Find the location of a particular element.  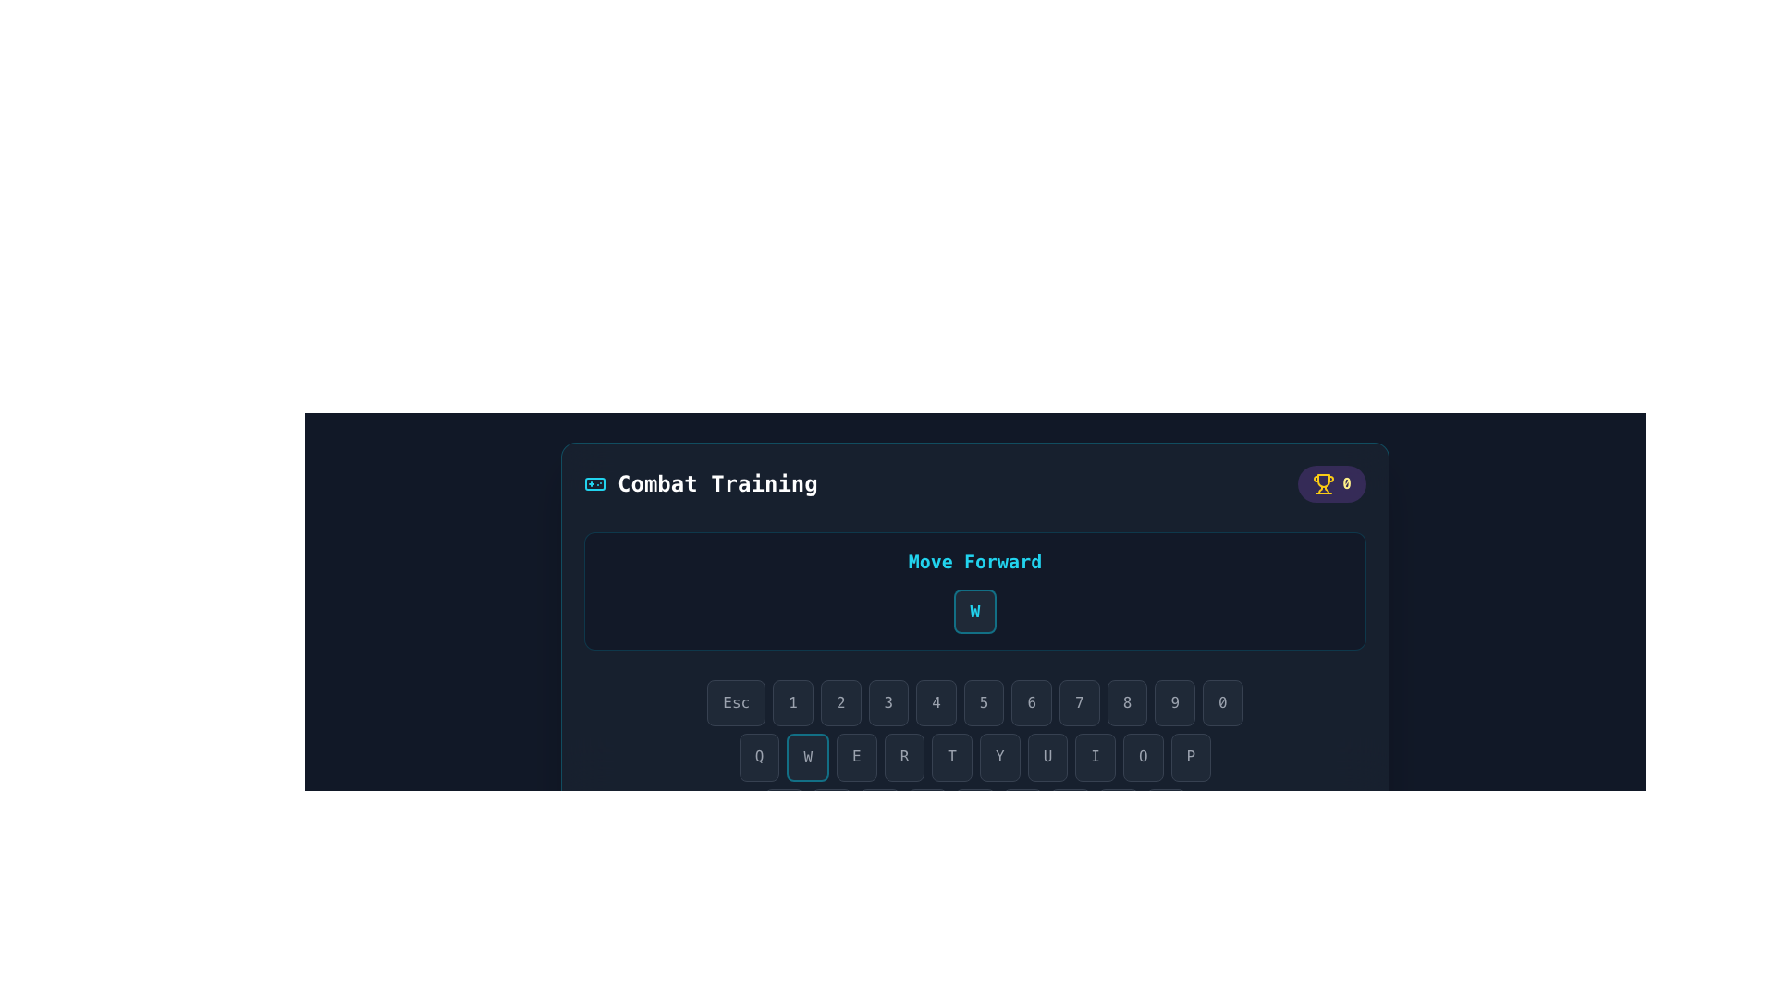

the eighth button in the virtual keyboard interface that spells out 'QWERTYUIOP' to initiate its action is located at coordinates (1096, 758).